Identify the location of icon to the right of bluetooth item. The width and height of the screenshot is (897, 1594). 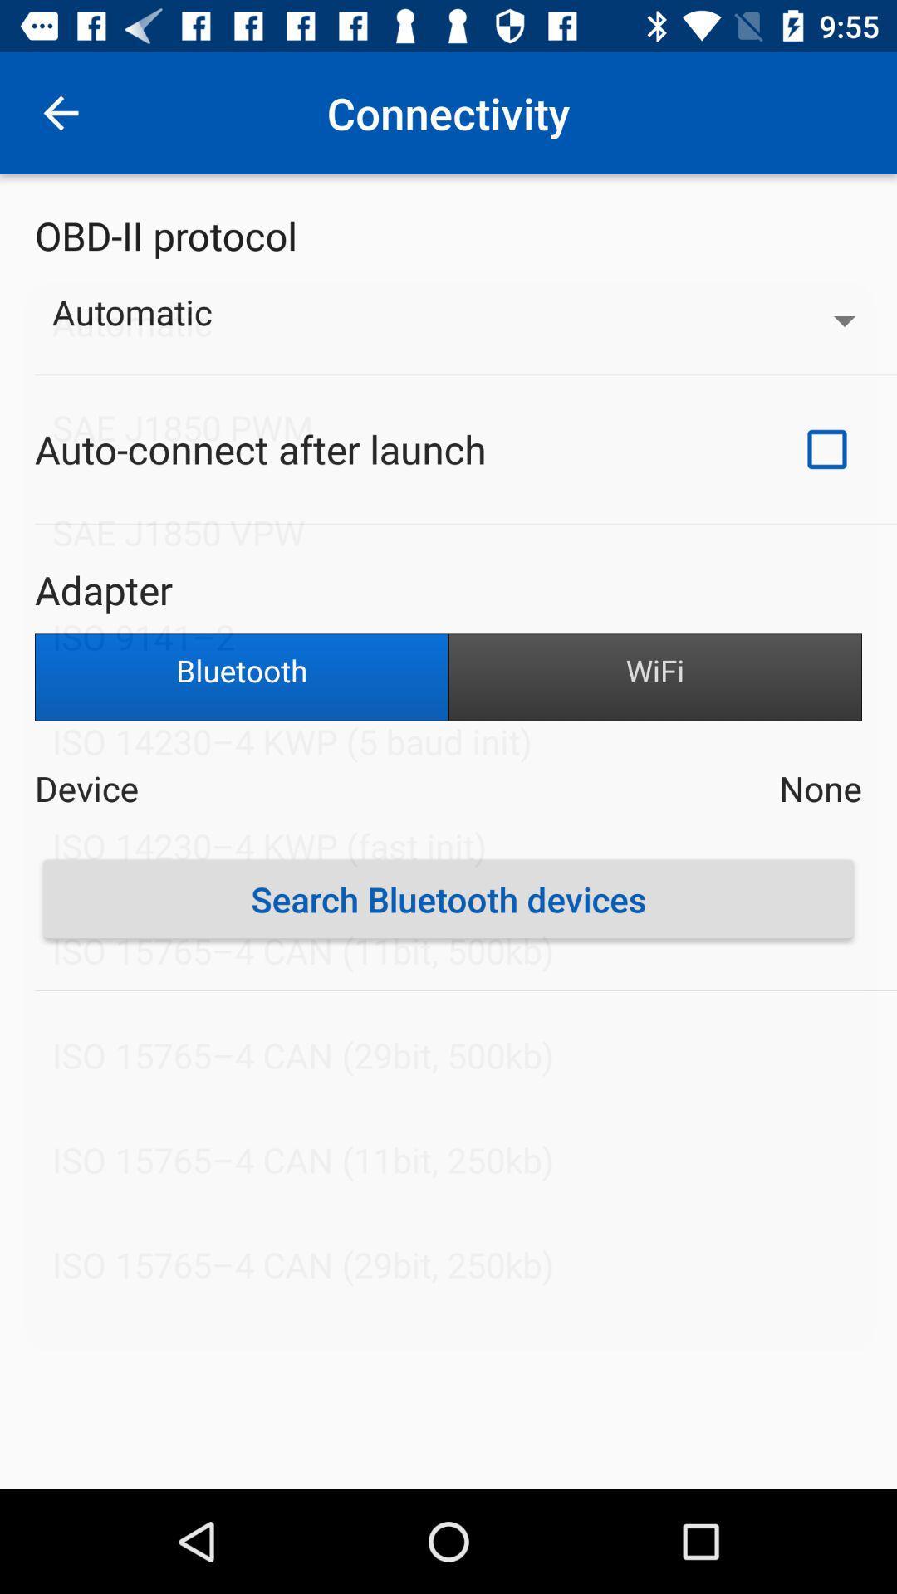
(654, 677).